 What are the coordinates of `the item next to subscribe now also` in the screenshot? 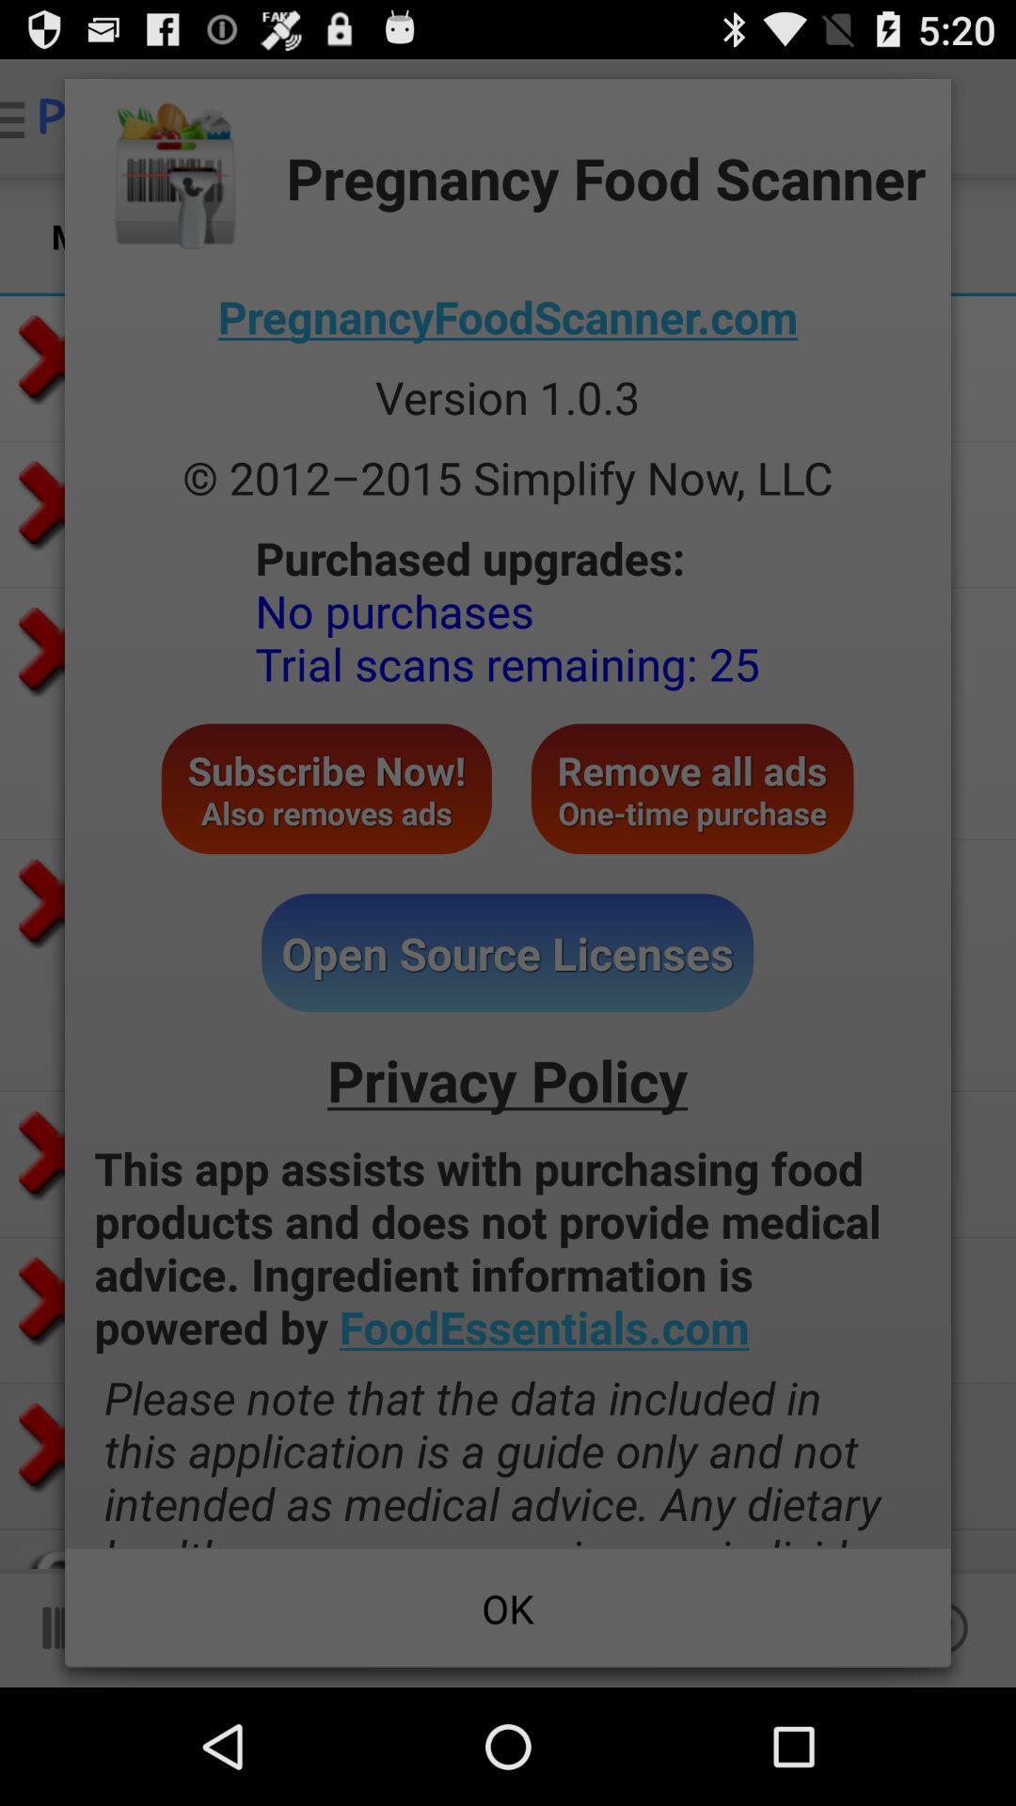 It's located at (692, 788).